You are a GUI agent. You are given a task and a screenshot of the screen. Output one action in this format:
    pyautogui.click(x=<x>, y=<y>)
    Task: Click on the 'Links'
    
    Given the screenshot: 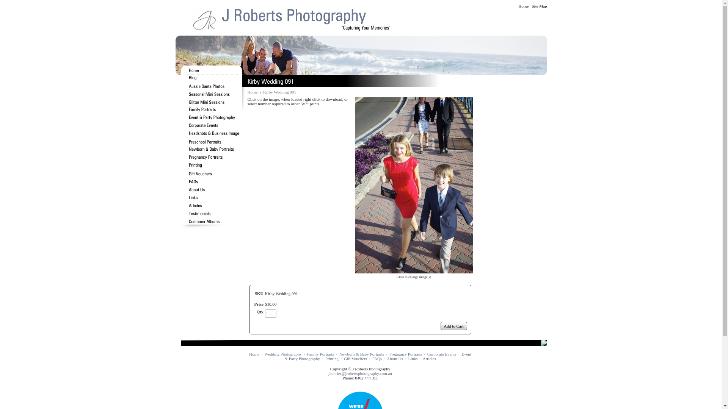 What is the action you would take?
    pyautogui.click(x=413, y=358)
    